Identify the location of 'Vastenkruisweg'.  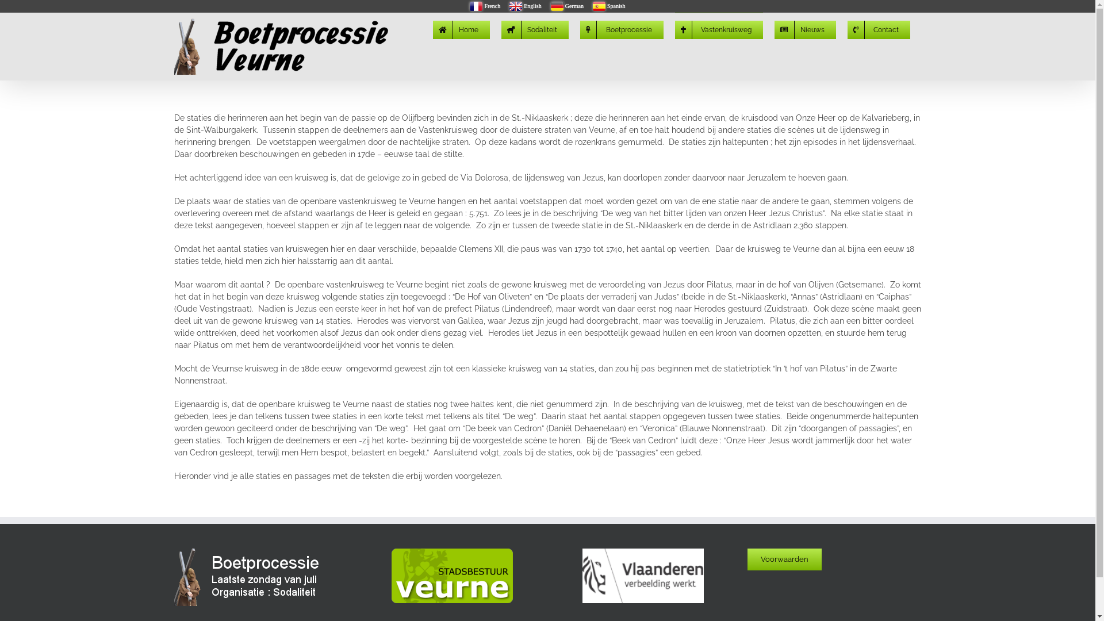
(675, 28).